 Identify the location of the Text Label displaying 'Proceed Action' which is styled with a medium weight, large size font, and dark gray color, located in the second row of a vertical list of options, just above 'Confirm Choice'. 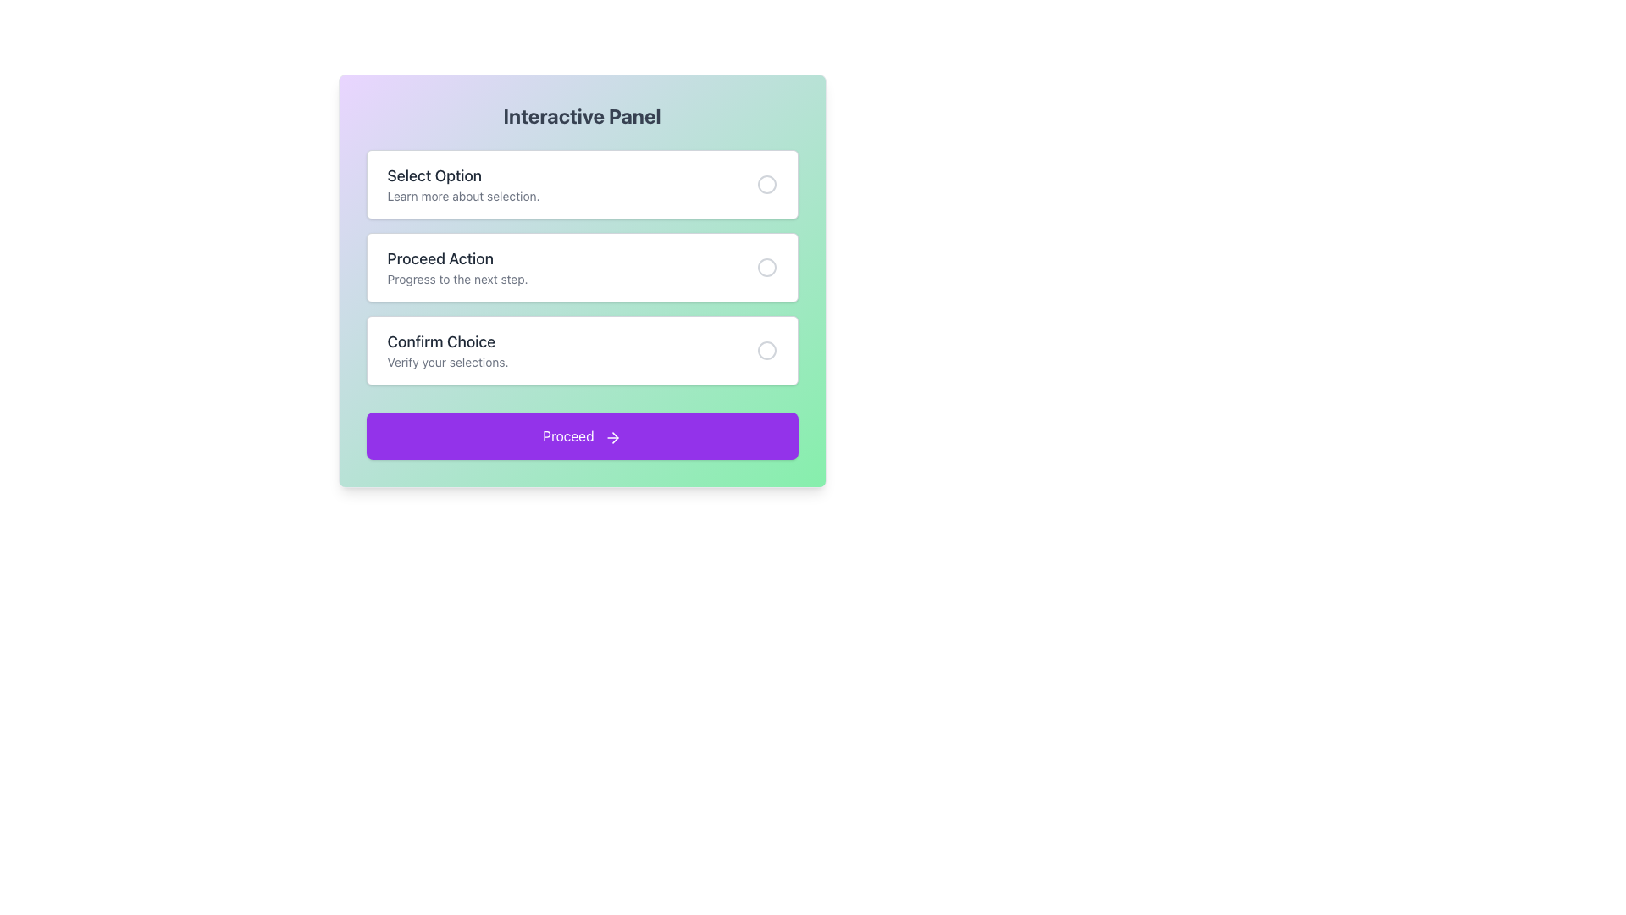
(457, 258).